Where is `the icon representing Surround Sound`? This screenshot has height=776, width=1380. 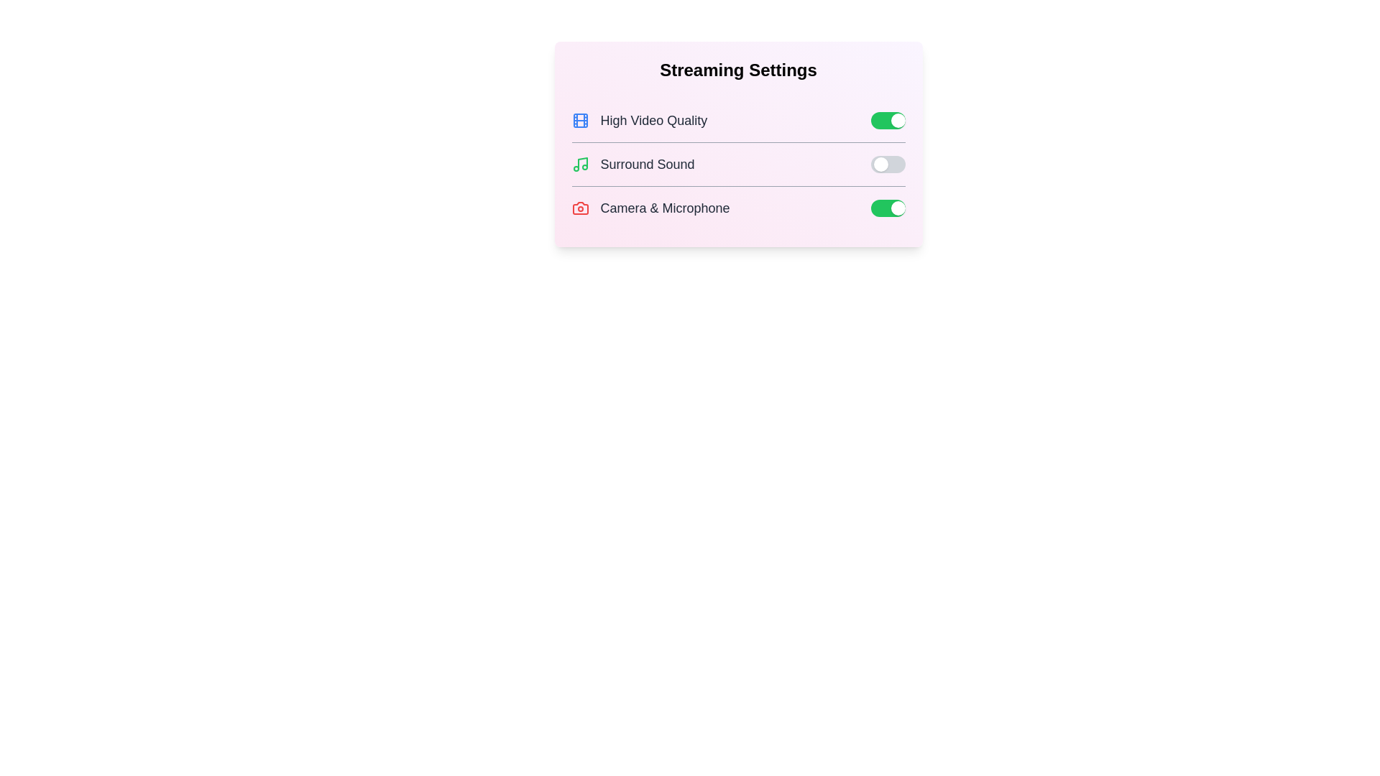
the icon representing Surround Sound is located at coordinates (580, 163).